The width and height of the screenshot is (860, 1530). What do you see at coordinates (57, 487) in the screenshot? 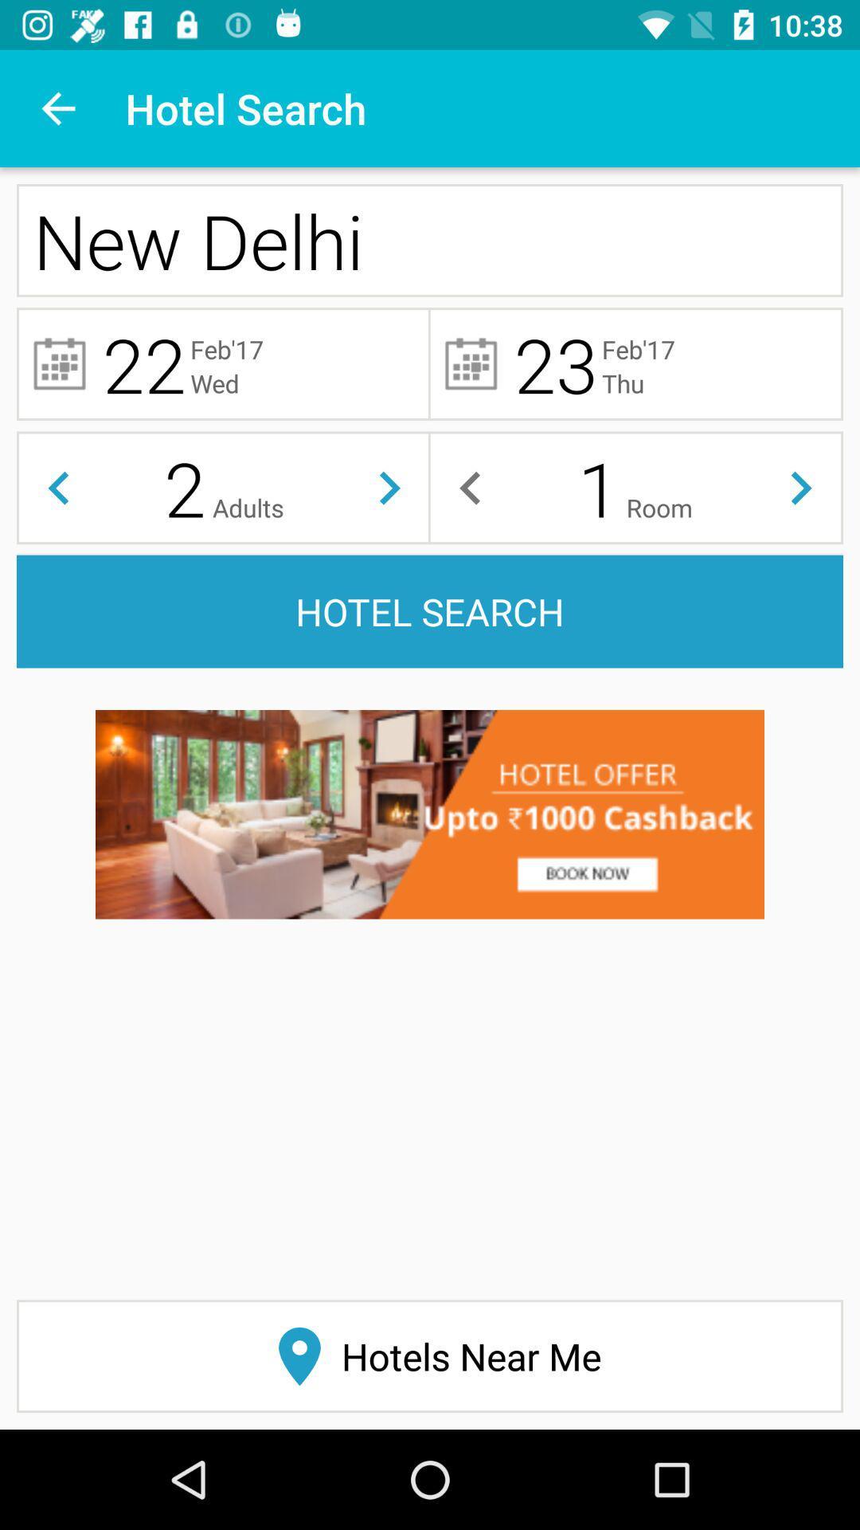
I see `the arrow_backward icon` at bounding box center [57, 487].